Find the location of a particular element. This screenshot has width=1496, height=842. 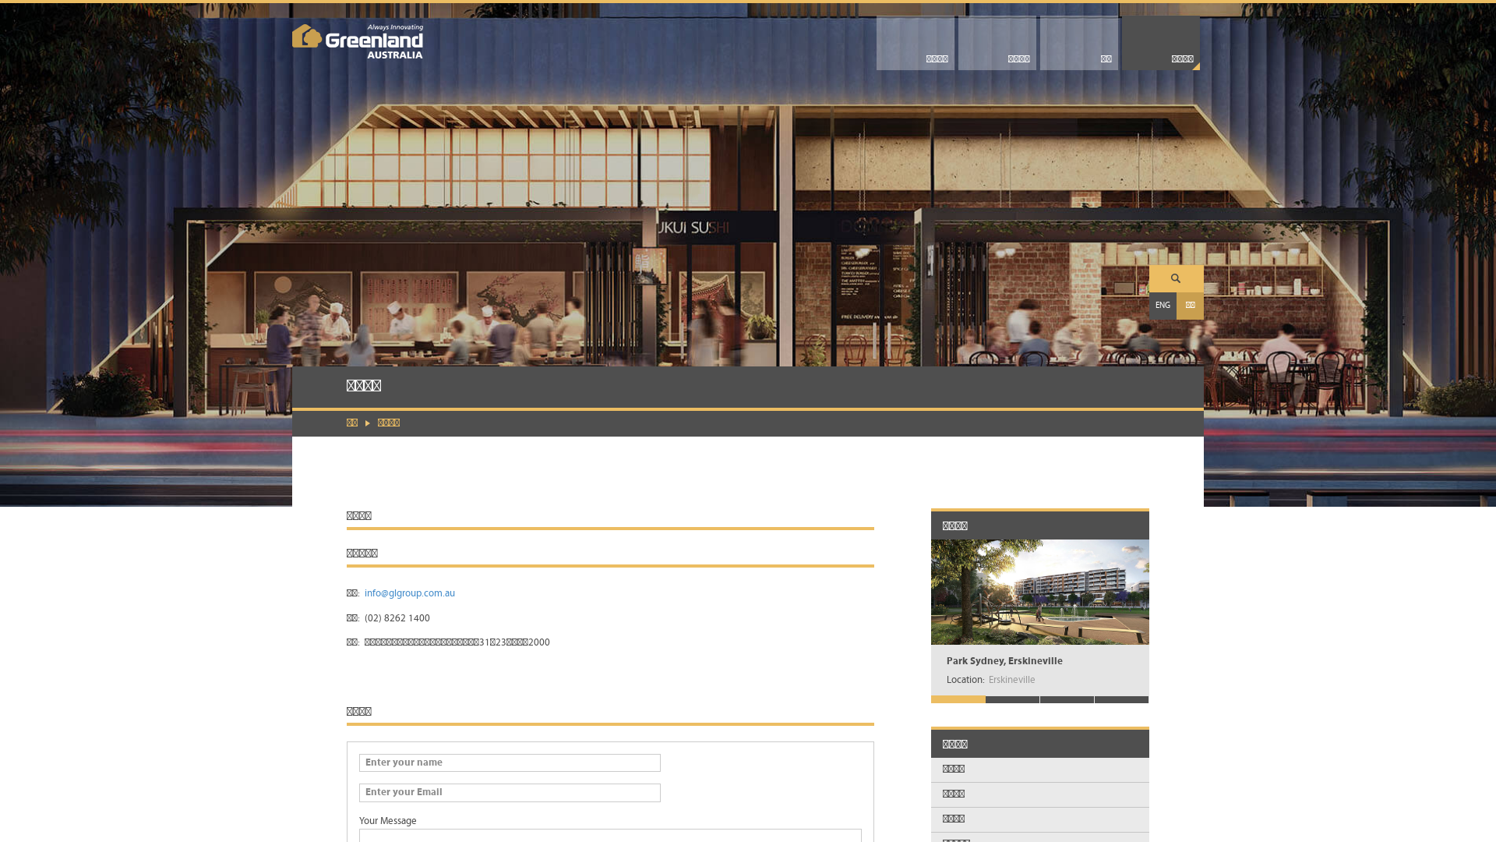

'info@glgroup.com.au' is located at coordinates (410, 593).